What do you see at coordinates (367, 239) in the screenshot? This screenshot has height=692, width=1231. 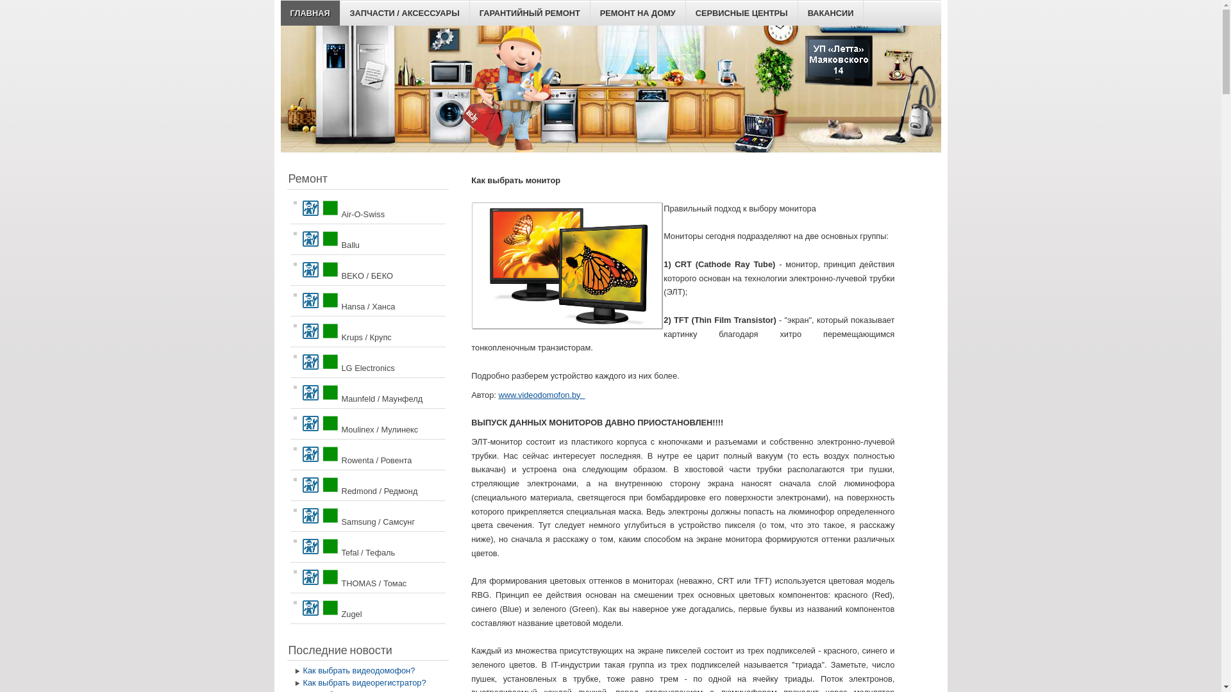 I see `'Ballu'` at bounding box center [367, 239].